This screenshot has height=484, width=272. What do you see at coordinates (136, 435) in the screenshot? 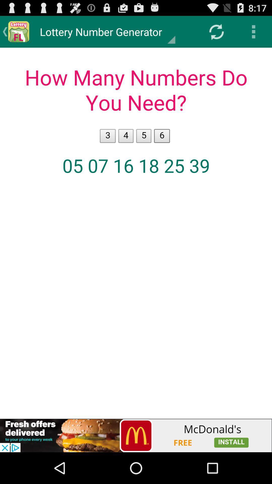
I see `advertisement page` at bounding box center [136, 435].